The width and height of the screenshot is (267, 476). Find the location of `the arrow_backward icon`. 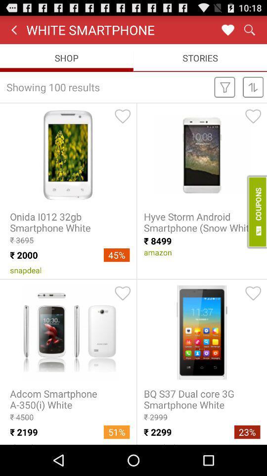

the arrow_backward icon is located at coordinates (13, 32).